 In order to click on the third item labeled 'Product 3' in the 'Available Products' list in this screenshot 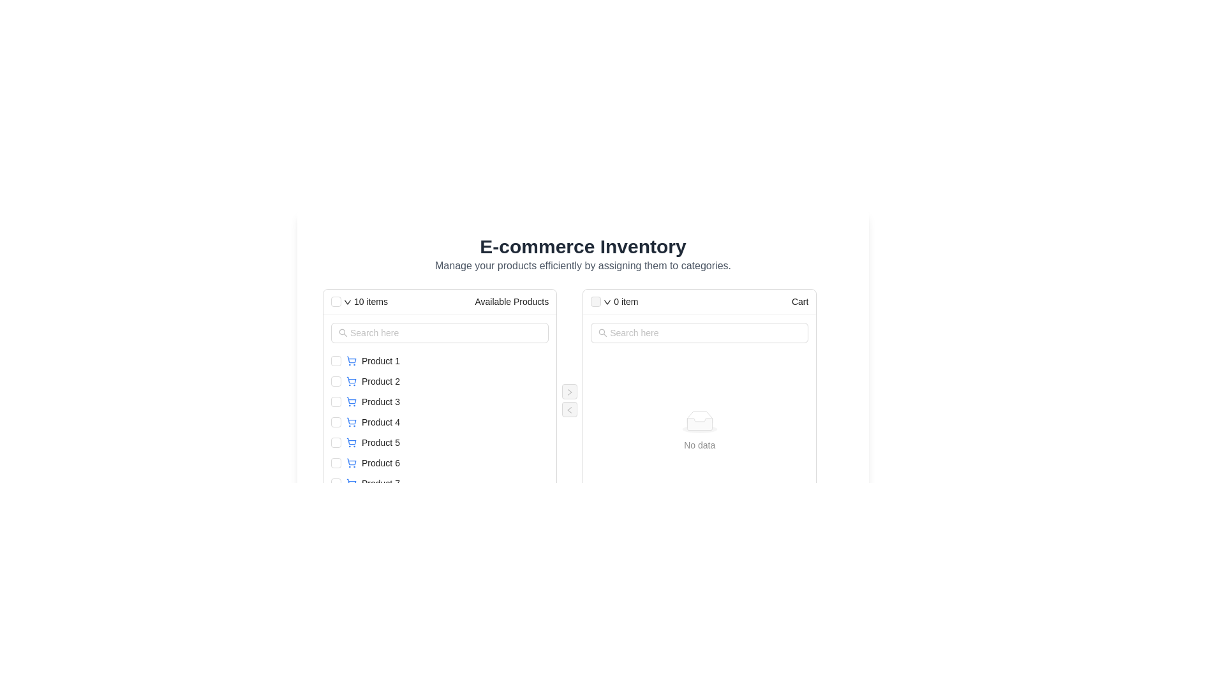, I will do `click(440, 400)`.